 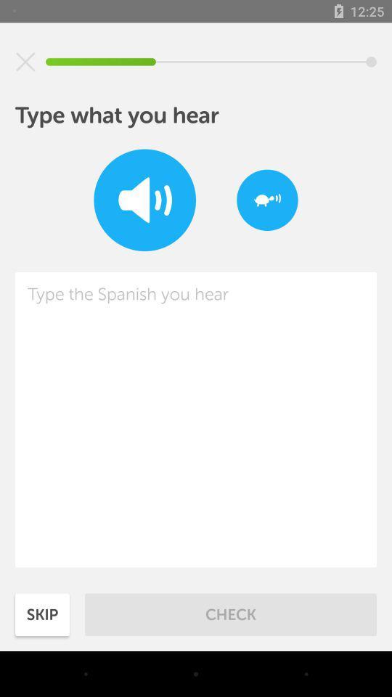 I want to click on check item, so click(x=231, y=614).